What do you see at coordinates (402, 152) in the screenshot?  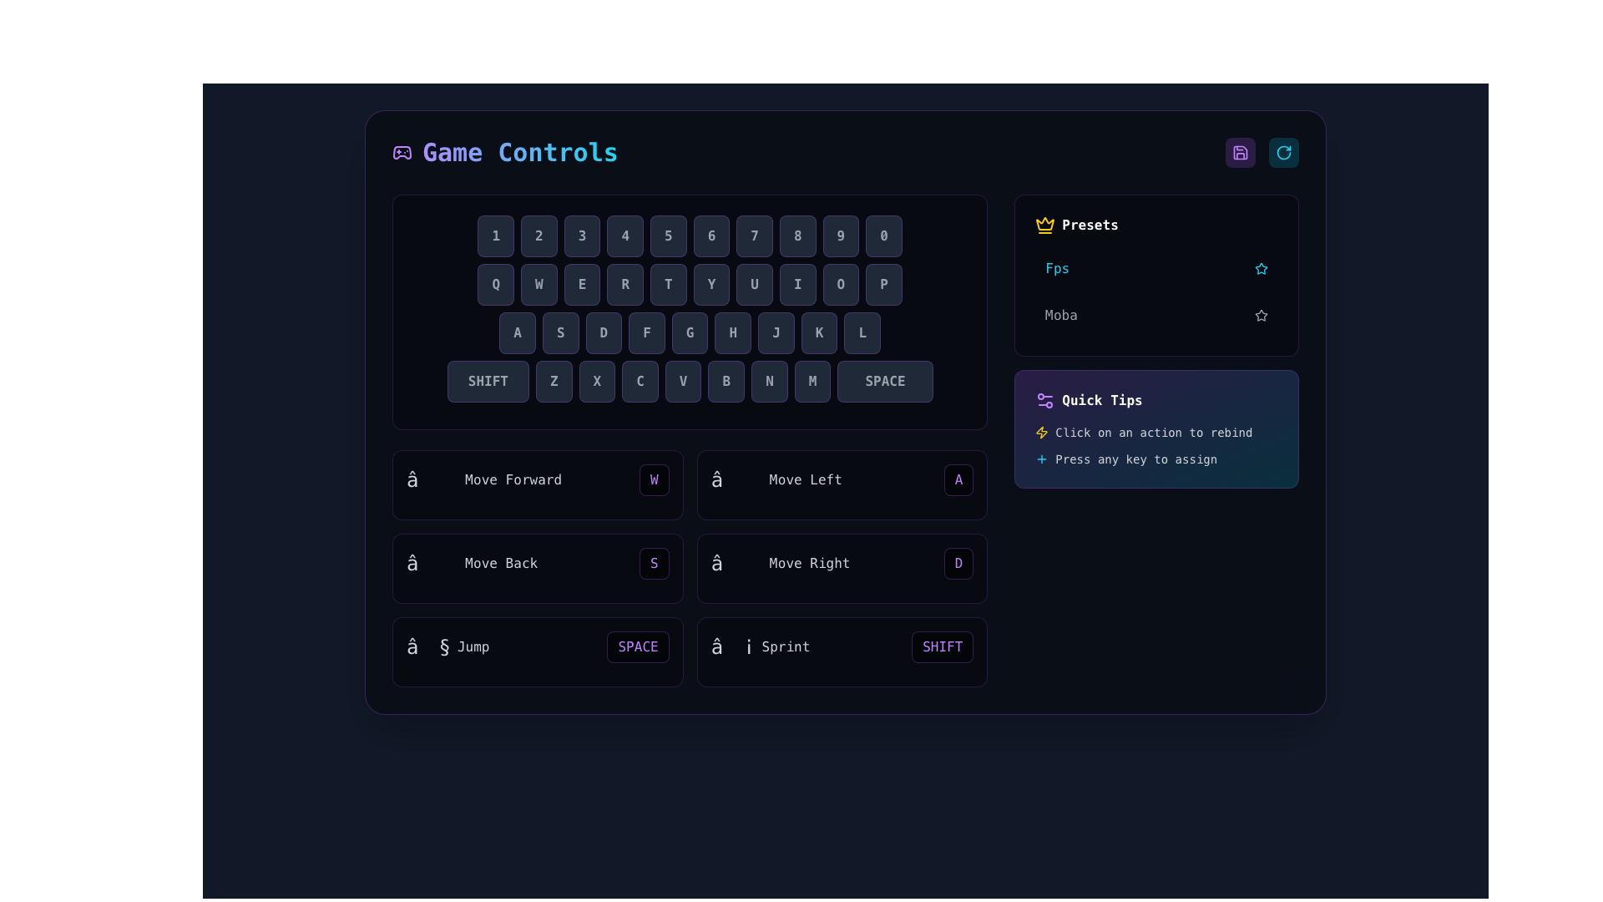 I see `the graphical representation of the game controller icon located to the left of the 'Game Controls' text label` at bounding box center [402, 152].